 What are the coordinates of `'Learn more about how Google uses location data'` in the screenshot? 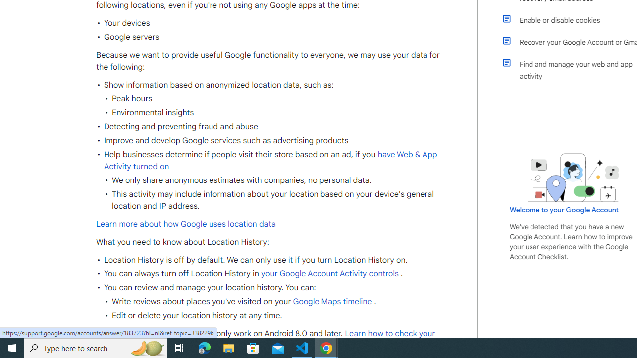 It's located at (186, 224).